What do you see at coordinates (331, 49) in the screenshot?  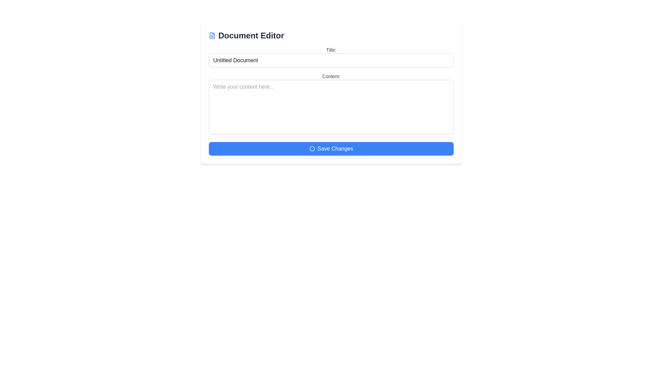 I see `text label displaying 'Title:' which is located at the top section of the form, directly above the text input field labeled 'Untitled Document'` at bounding box center [331, 49].